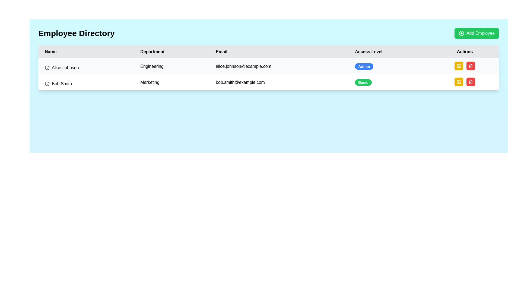 This screenshot has height=293, width=521. I want to click on the circular plus icon within the green 'Add Employee' button, so click(461, 33).